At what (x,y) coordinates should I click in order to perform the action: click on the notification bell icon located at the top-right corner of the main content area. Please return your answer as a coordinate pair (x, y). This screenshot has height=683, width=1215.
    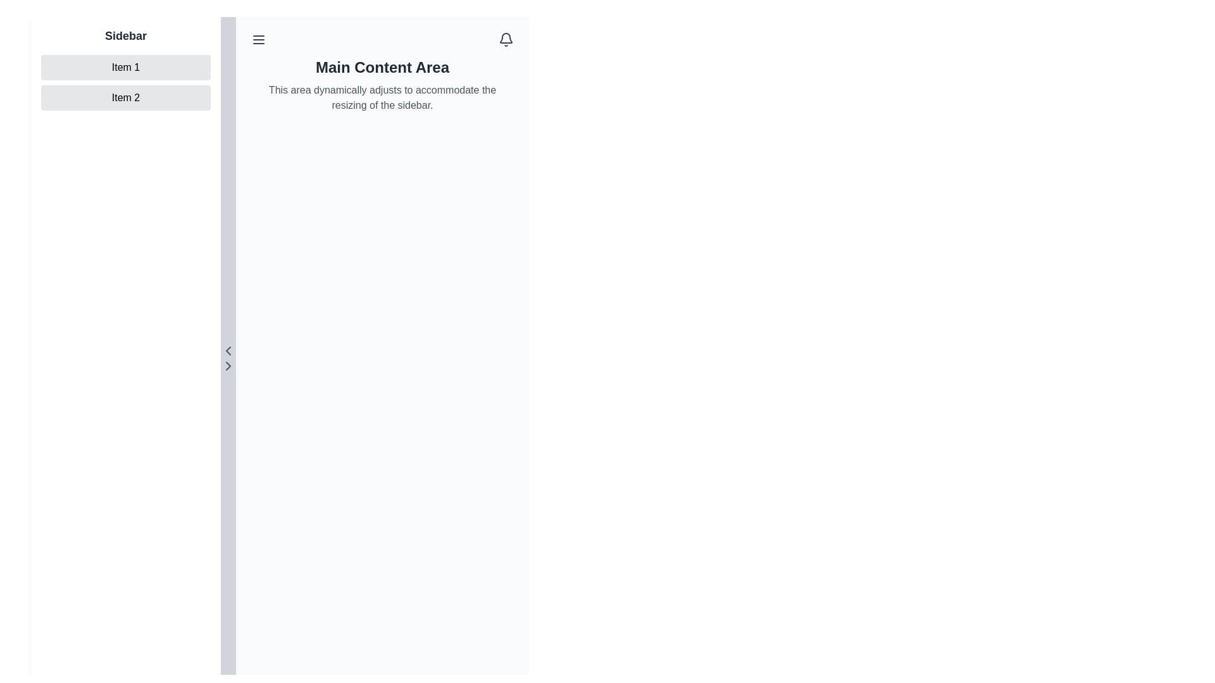
    Looking at the image, I should click on (506, 39).